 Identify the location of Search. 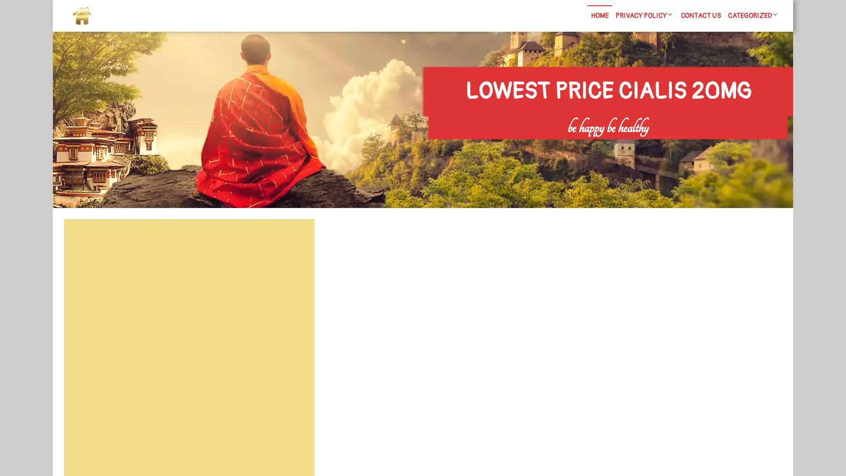
(294, 240).